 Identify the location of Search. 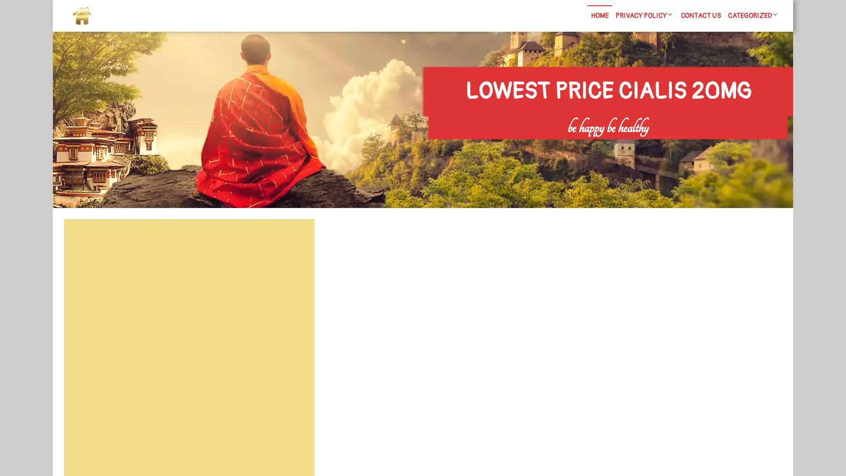
(294, 240).